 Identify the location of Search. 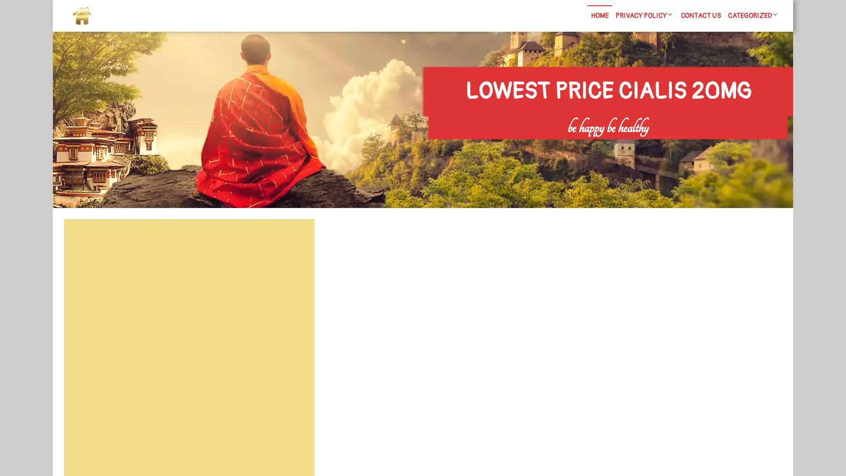
(294, 240).